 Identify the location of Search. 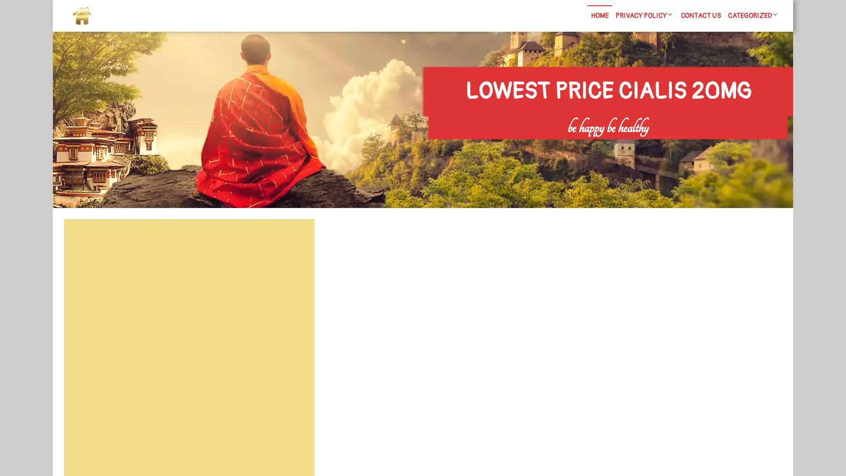
(294, 240).